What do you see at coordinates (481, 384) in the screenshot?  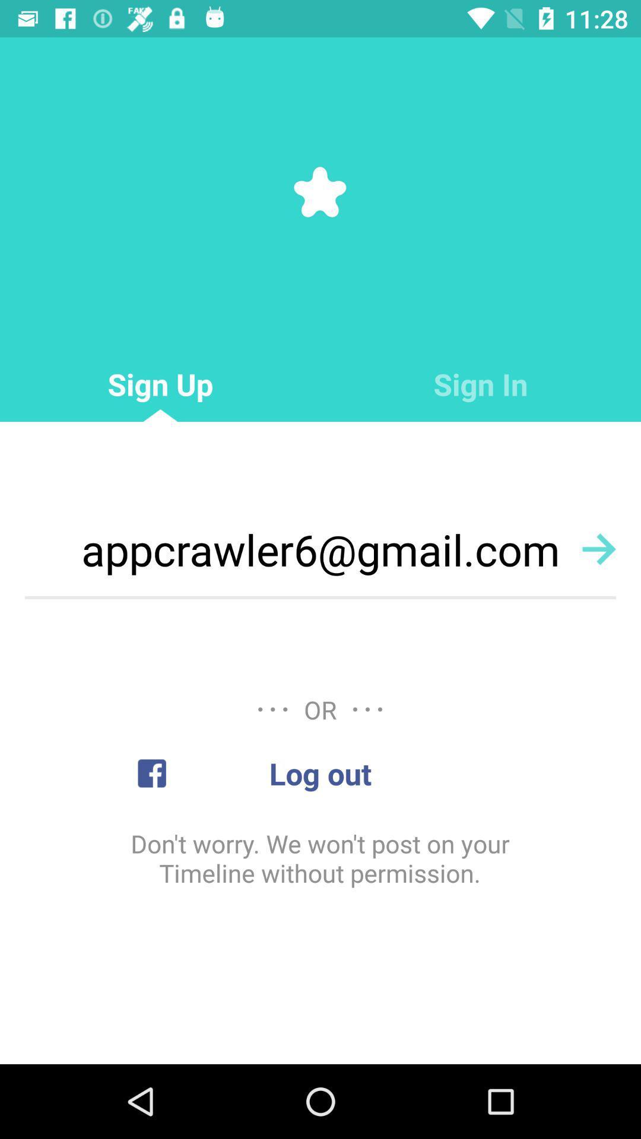 I see `the item above the appcrawler6@gmail.com icon` at bounding box center [481, 384].